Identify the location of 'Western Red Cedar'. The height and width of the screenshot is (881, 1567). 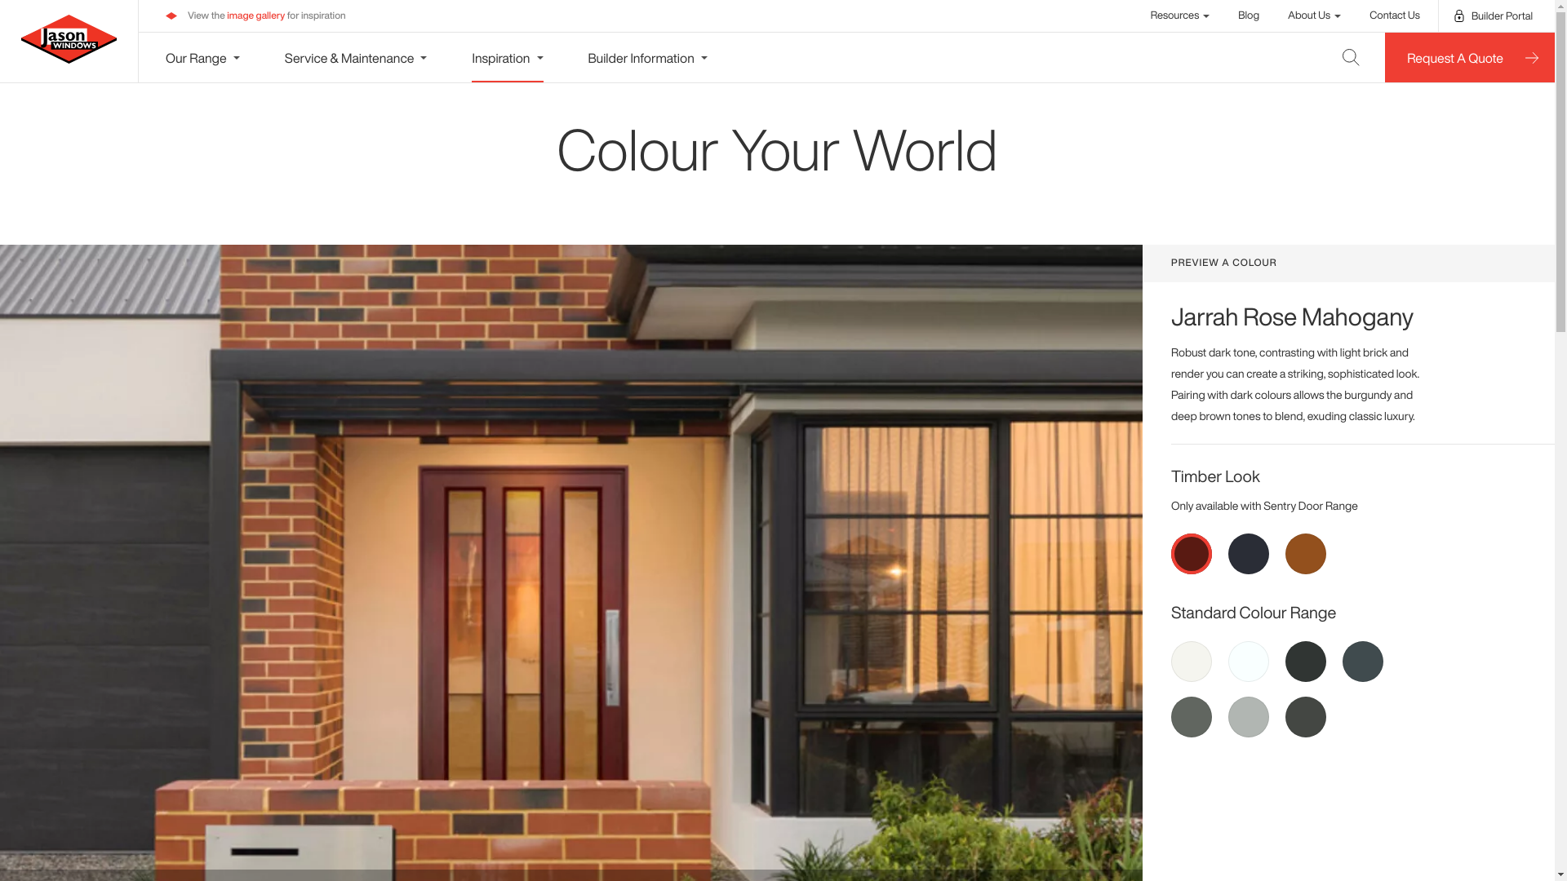
(1284, 552).